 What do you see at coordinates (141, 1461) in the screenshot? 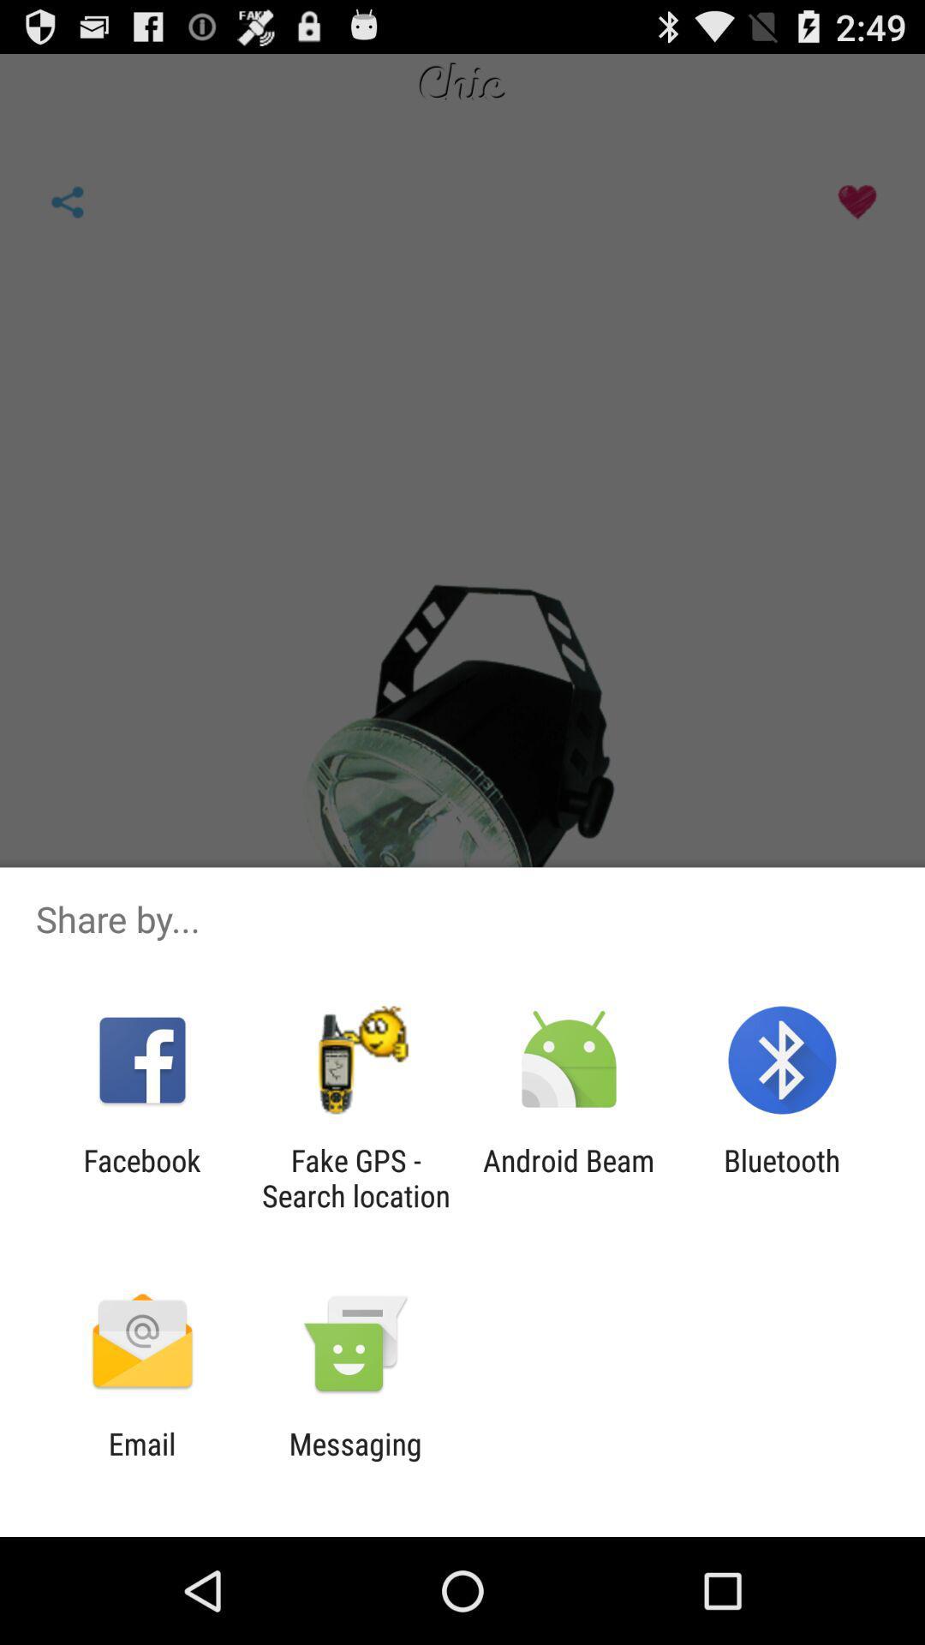
I see `the email app` at bounding box center [141, 1461].